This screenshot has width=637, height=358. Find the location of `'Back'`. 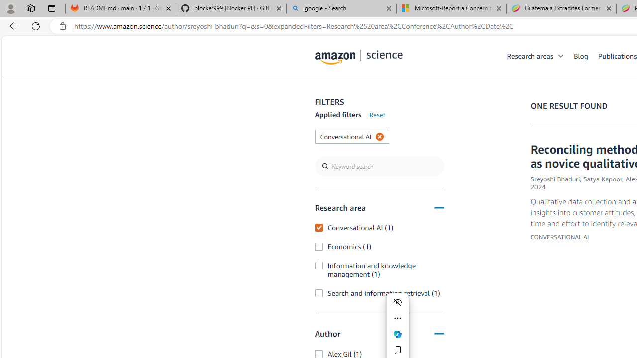

'Back' is located at coordinates (12, 25).